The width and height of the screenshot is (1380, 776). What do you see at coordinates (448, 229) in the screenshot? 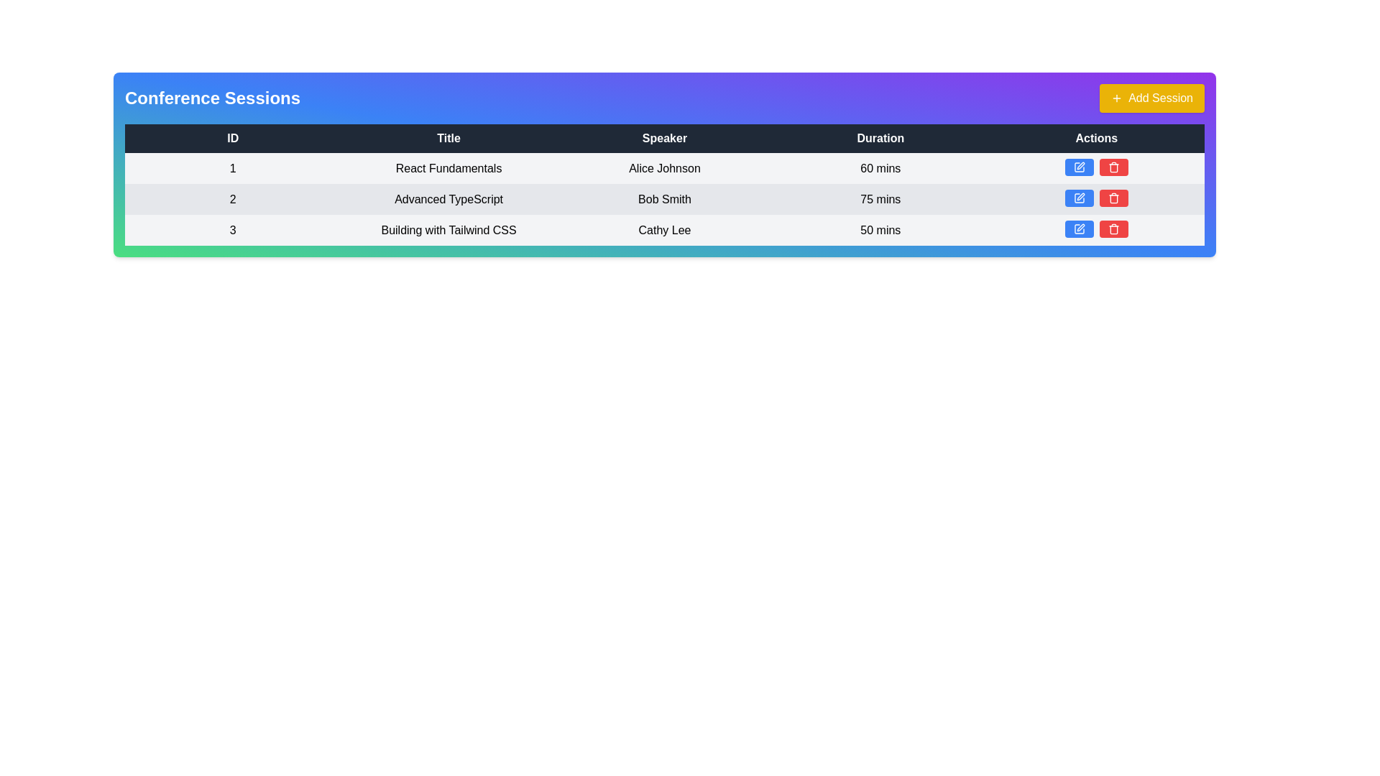
I see `the 'Title' text label of the third session entry in the session table, which displays the session's title information` at bounding box center [448, 229].